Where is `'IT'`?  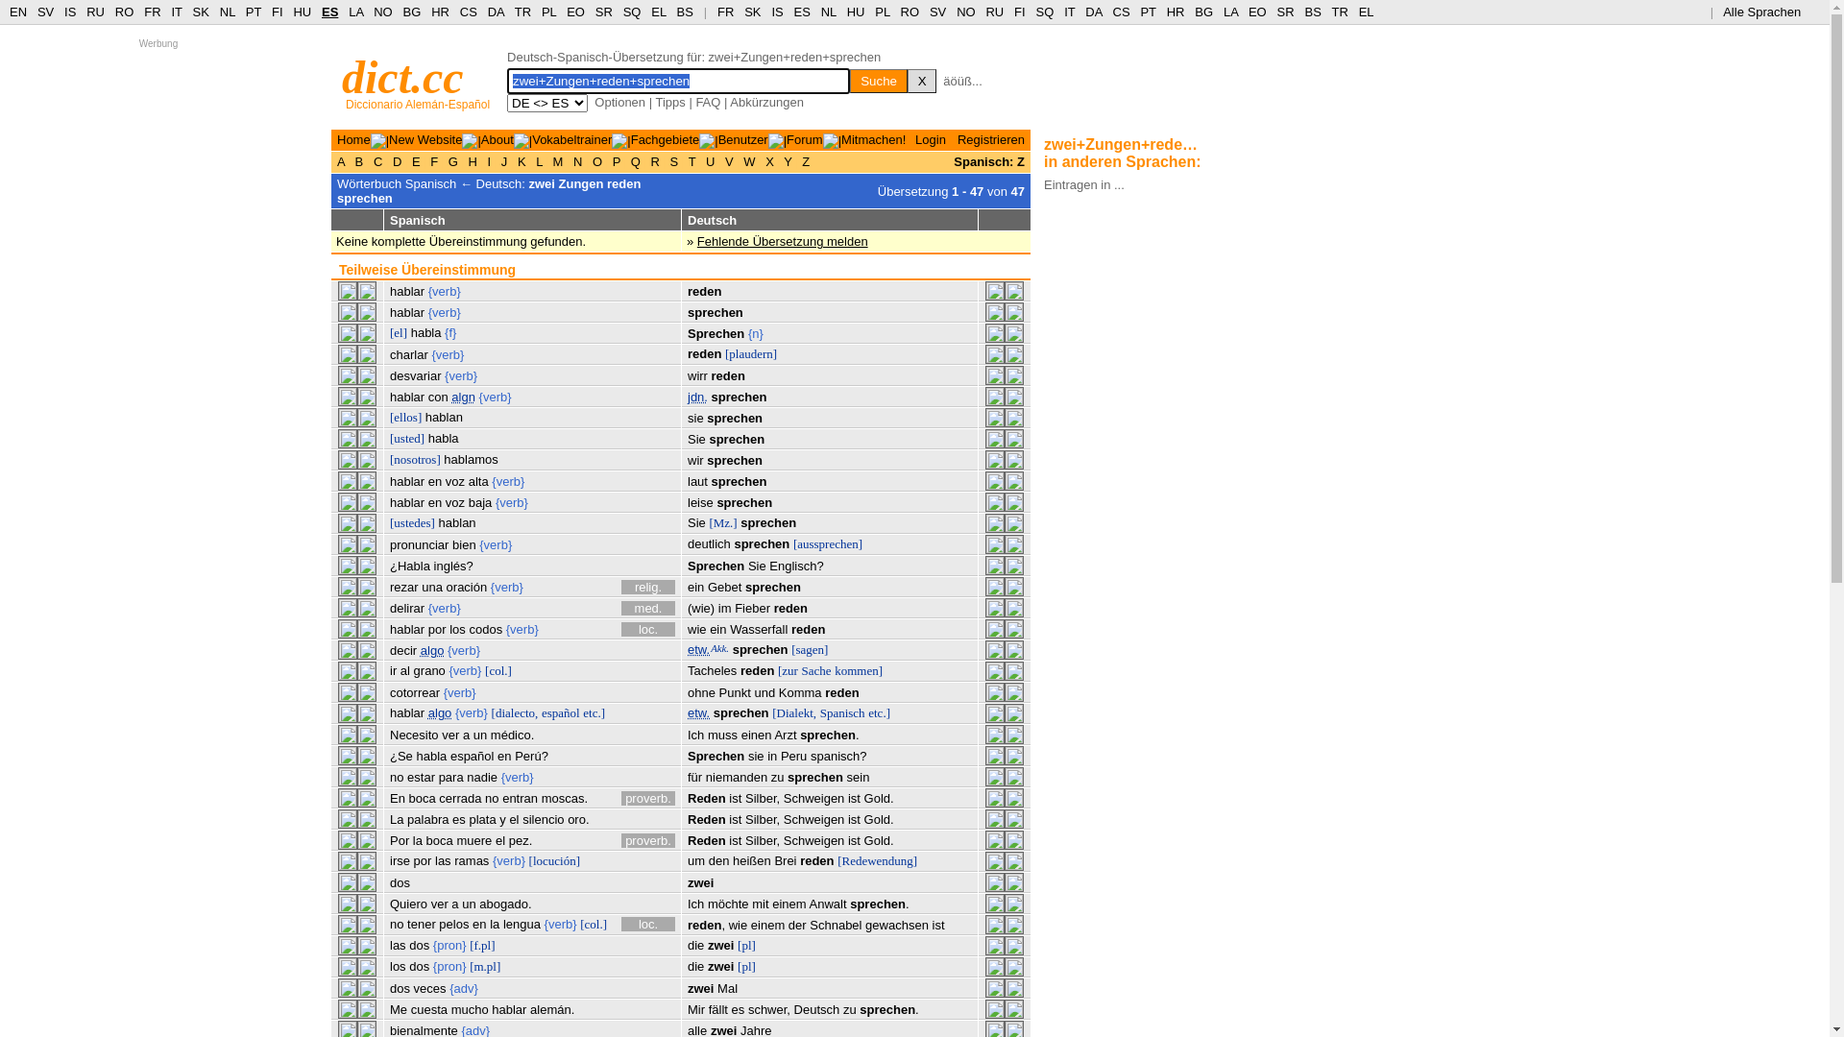 'IT' is located at coordinates (1068, 12).